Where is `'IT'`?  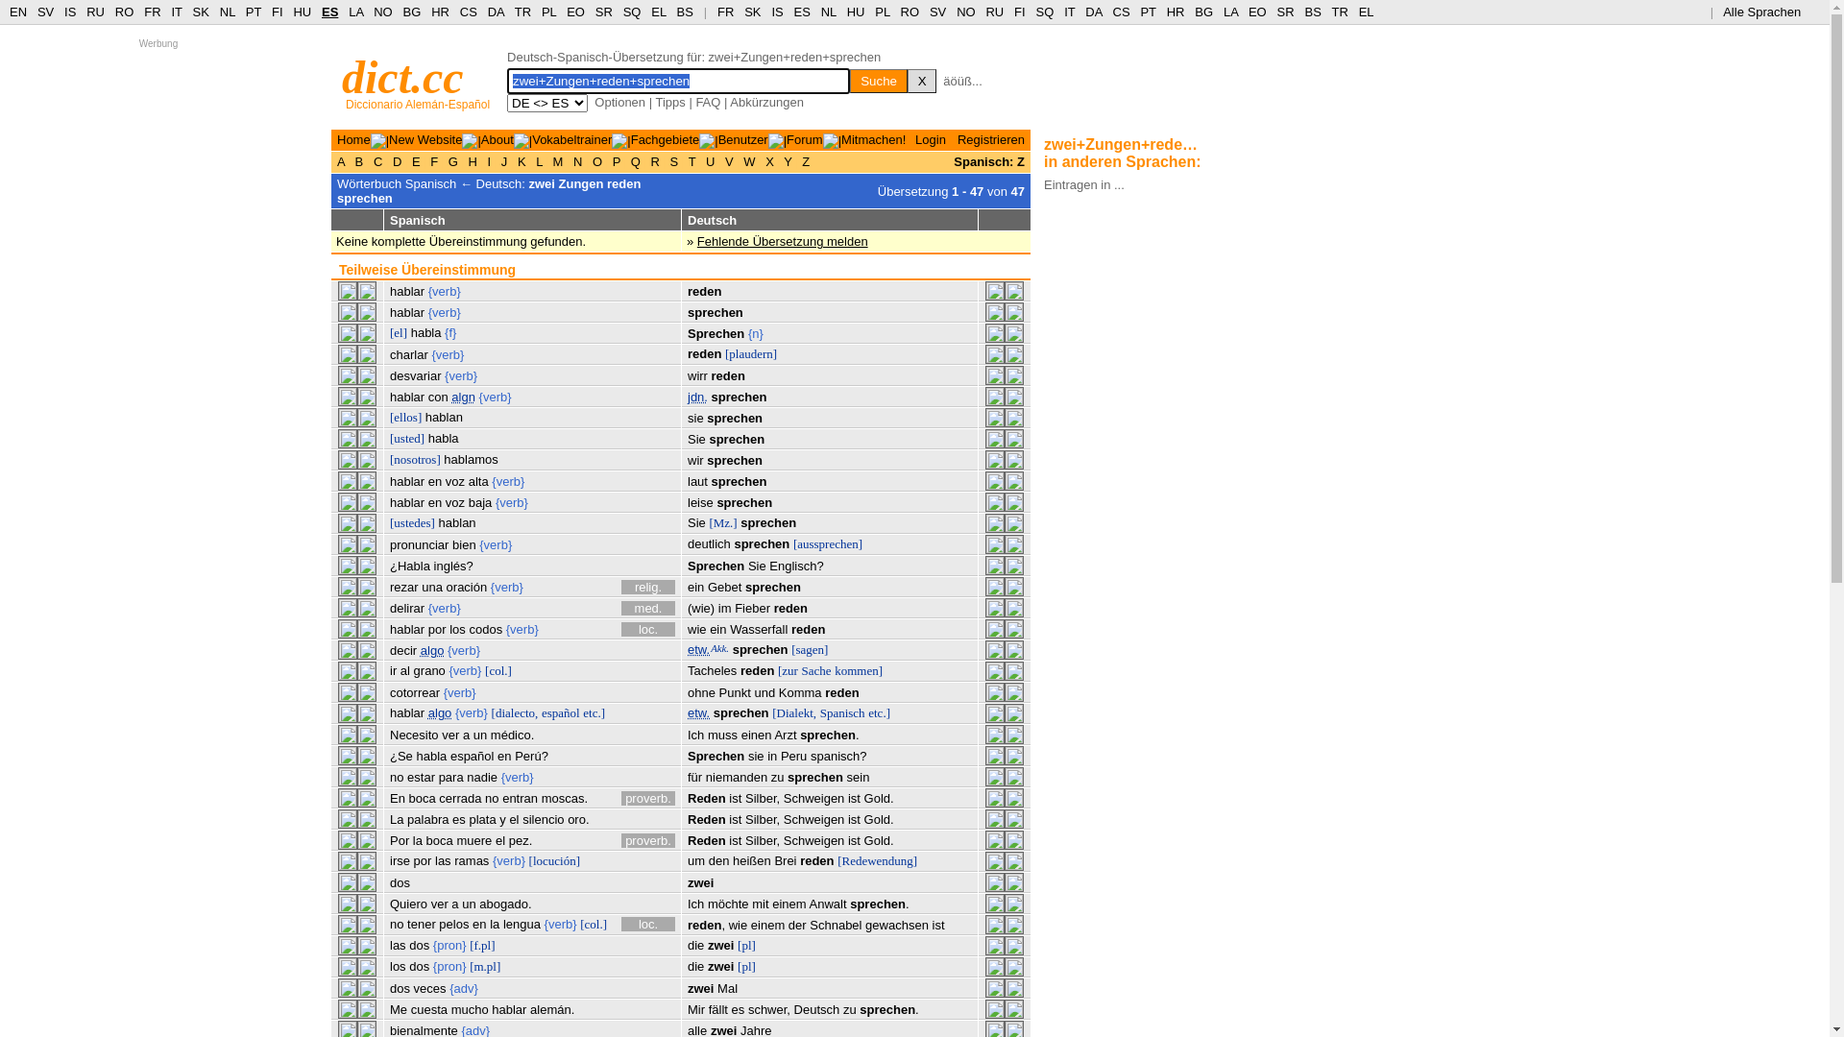 'IT' is located at coordinates (1068, 12).